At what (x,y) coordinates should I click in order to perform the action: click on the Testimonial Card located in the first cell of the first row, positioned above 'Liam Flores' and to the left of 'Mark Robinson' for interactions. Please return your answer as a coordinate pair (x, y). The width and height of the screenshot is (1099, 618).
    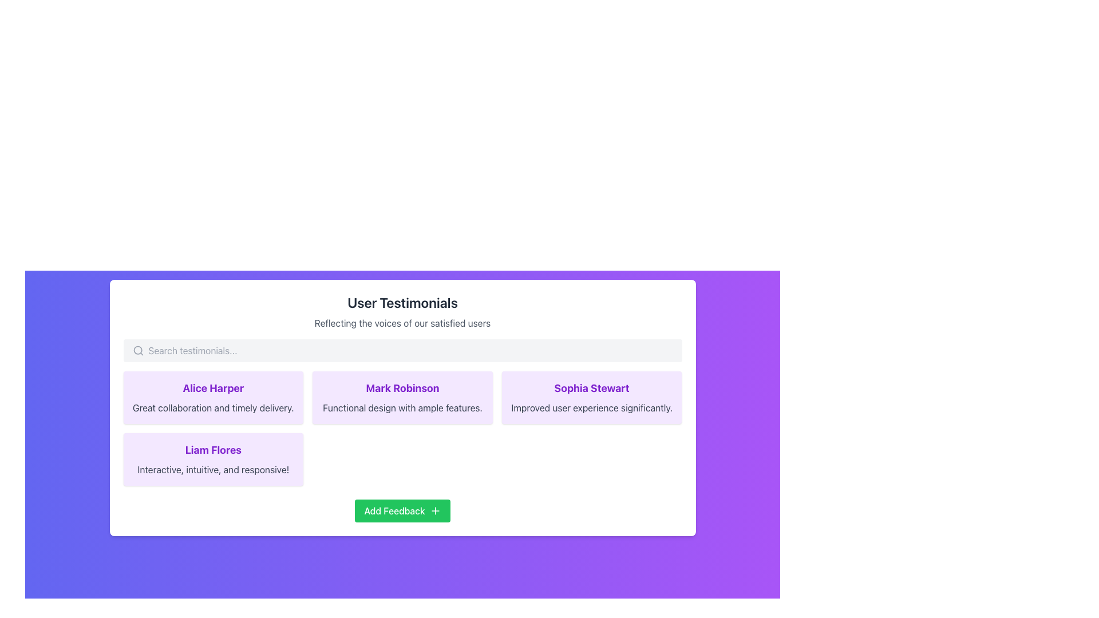
    Looking at the image, I should click on (213, 397).